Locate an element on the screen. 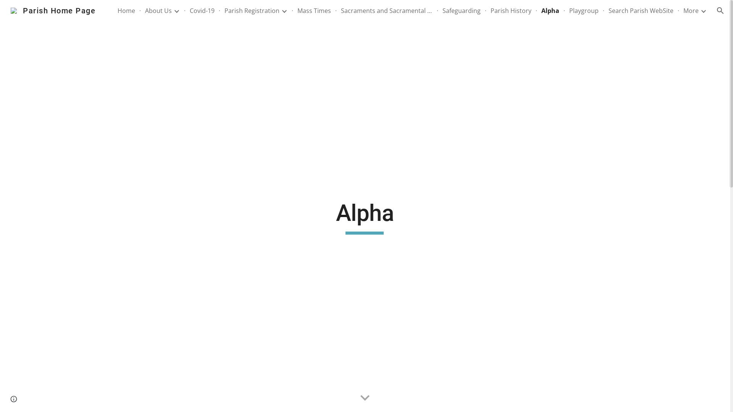  'Parish Registration' is located at coordinates (252, 10).